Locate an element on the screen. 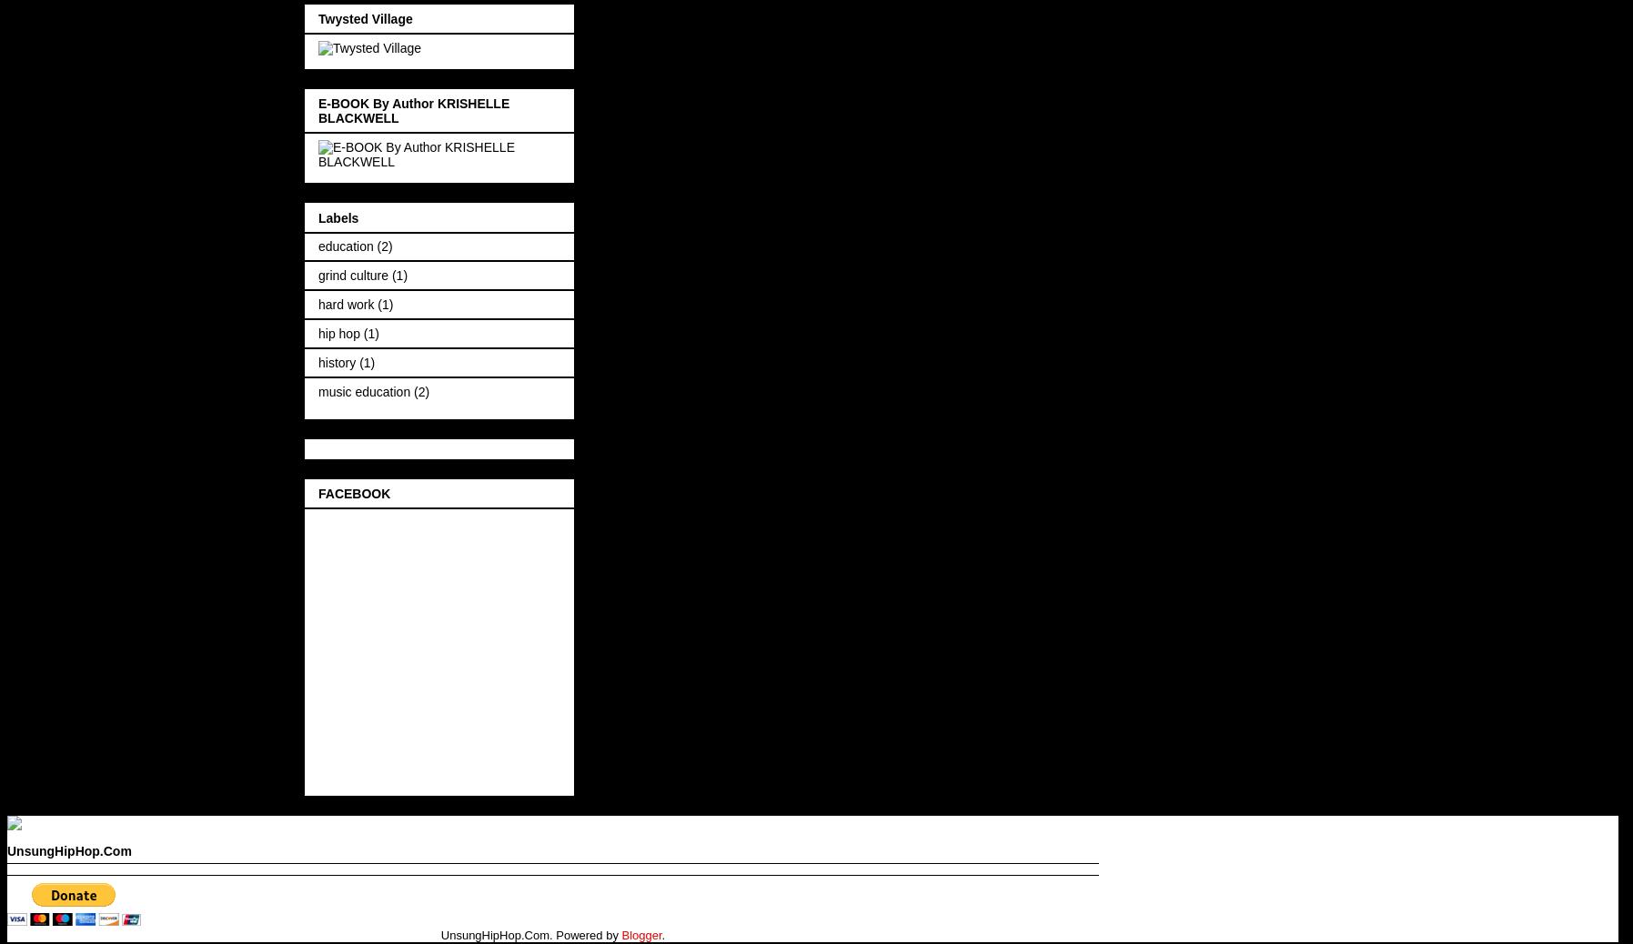  'E-BOOK By Author KRISHELLE BLACKWELL' is located at coordinates (414, 109).